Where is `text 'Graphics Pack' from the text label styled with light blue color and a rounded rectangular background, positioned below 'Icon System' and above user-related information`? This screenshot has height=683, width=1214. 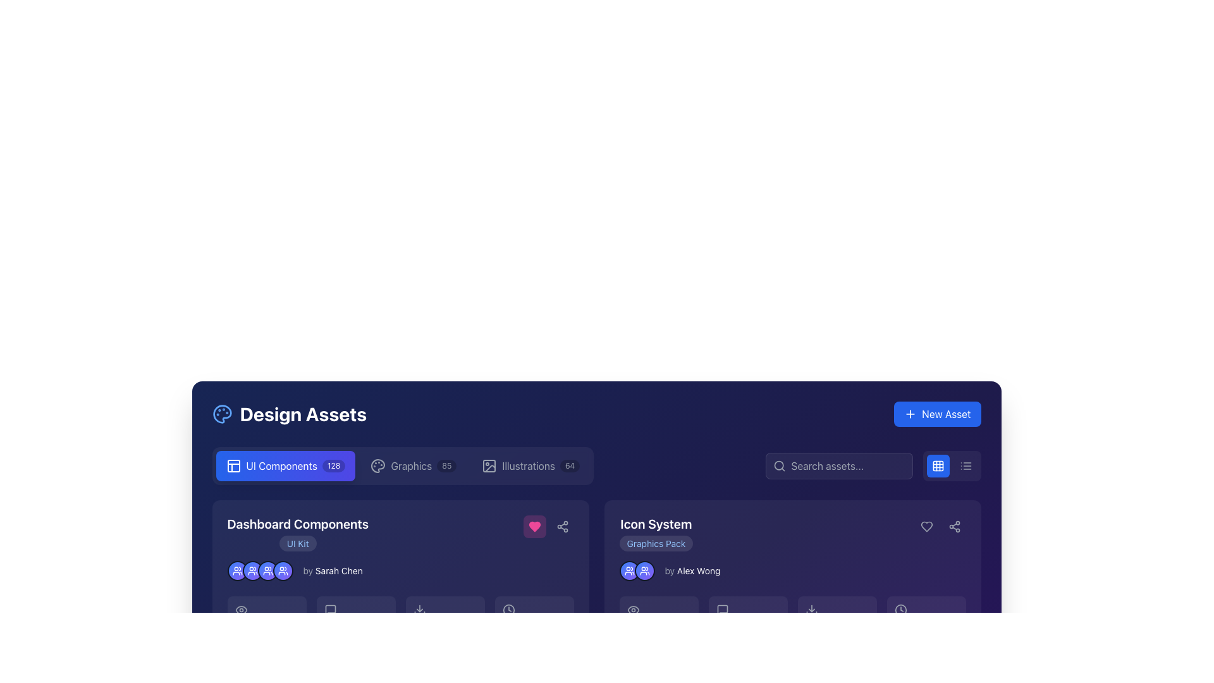
text 'Graphics Pack' from the text label styled with light blue color and a rounded rectangular background, positioned below 'Icon System' and above user-related information is located at coordinates (656, 543).